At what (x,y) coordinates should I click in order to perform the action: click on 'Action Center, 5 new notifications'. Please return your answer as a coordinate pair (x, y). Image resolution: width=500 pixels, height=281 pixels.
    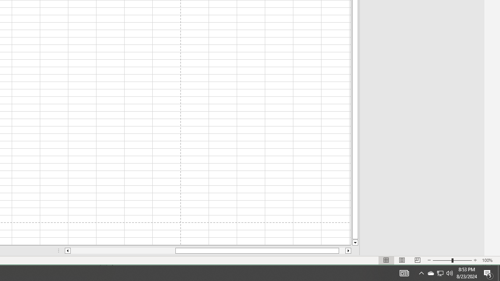
    Looking at the image, I should click on (488, 272).